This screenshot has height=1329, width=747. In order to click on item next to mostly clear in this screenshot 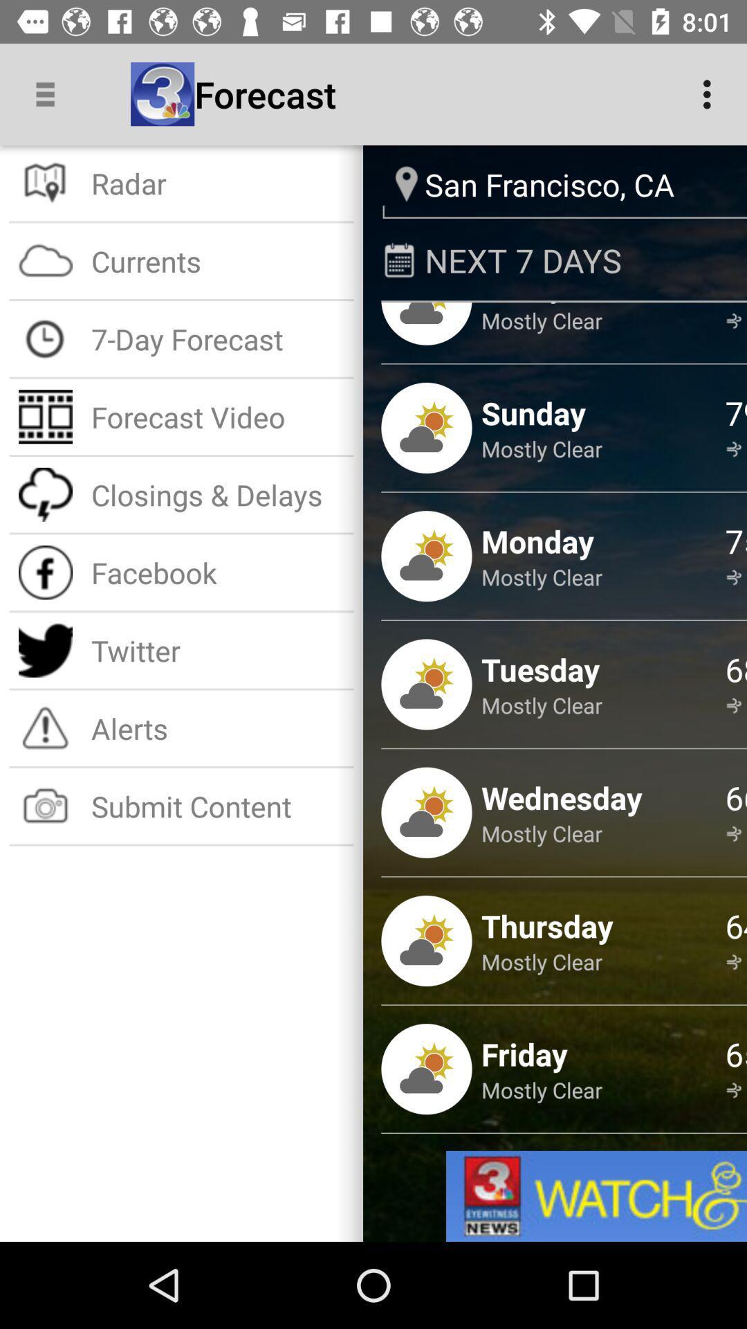, I will do `click(735, 304)`.